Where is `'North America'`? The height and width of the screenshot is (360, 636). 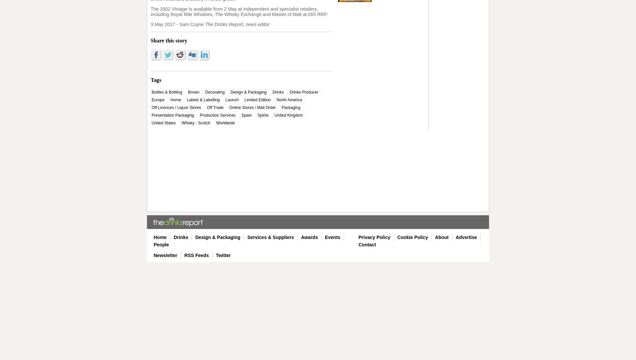
'North America' is located at coordinates (276, 100).